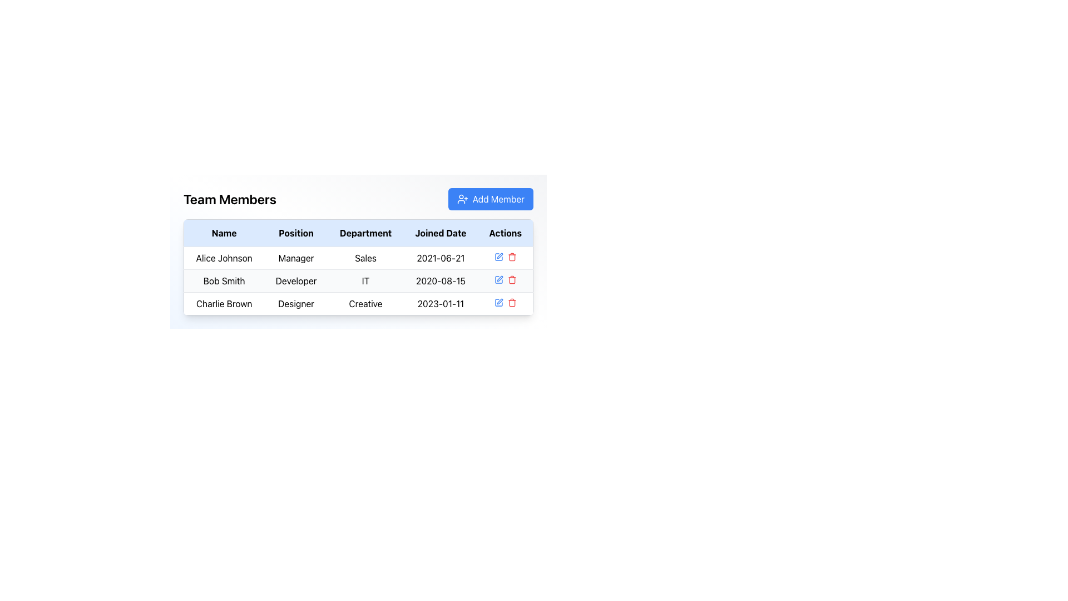 The height and width of the screenshot is (601, 1068). What do you see at coordinates (511, 303) in the screenshot?
I see `the trash icon associated with the entry labeled 'Charlie Brown' in the 'Actions' column of the table` at bounding box center [511, 303].